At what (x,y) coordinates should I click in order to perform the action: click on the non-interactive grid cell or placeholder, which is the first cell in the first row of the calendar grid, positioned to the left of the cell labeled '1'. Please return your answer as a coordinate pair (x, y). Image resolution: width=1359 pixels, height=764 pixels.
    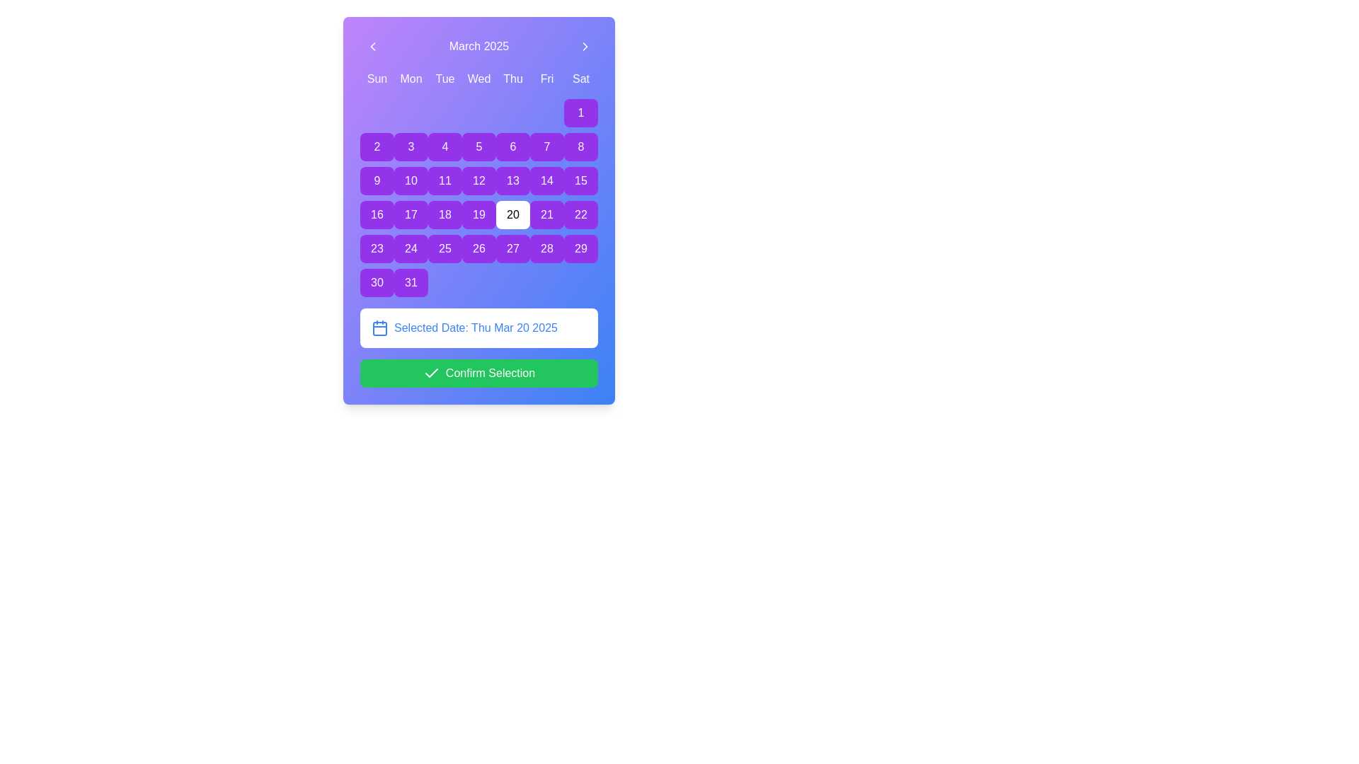
    Looking at the image, I should click on (377, 112).